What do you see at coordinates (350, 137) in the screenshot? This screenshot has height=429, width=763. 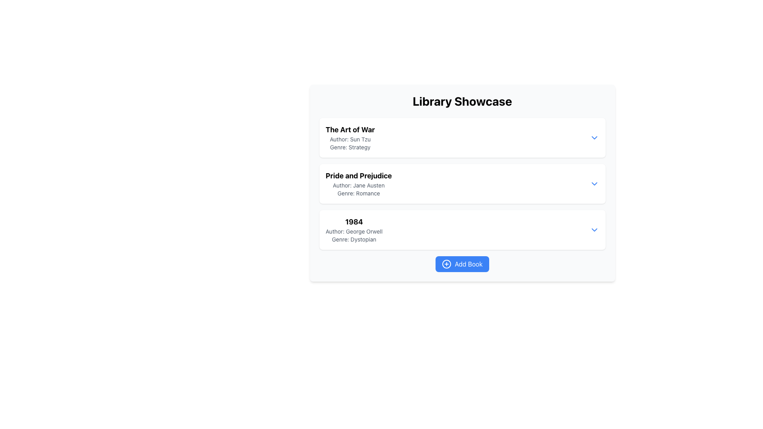 I see `the text block displaying the title 'The Art of War', which includes the author 'Author: Sun Tzu' and genre 'Genre: Strategy', located at the top-left corner of a card-like structure in a showcase list of books` at bounding box center [350, 137].